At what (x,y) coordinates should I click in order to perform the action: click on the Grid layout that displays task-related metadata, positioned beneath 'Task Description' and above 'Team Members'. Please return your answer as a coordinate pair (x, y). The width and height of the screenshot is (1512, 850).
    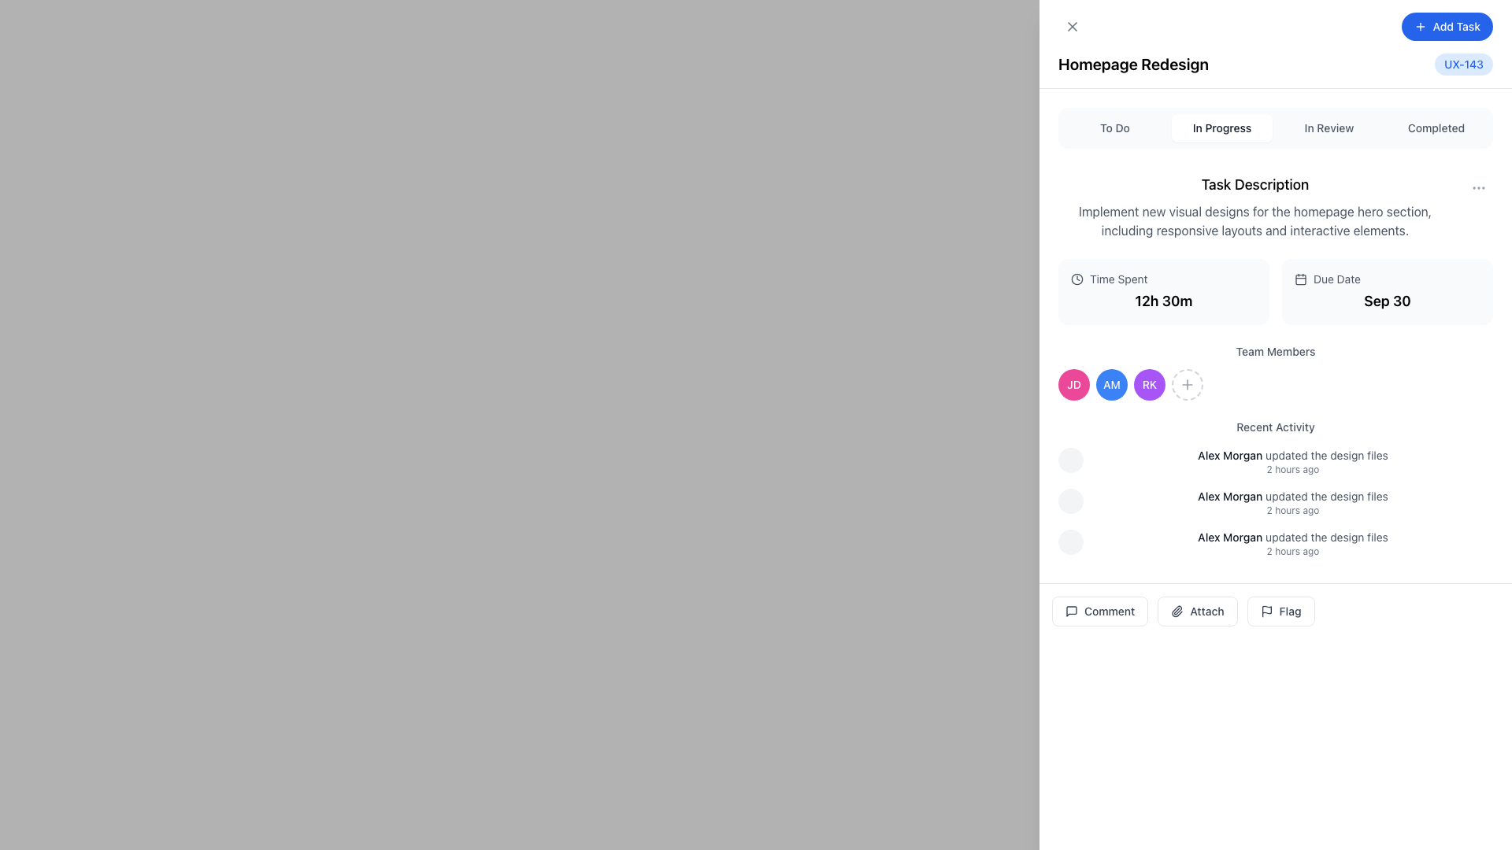
    Looking at the image, I should click on (1276, 291).